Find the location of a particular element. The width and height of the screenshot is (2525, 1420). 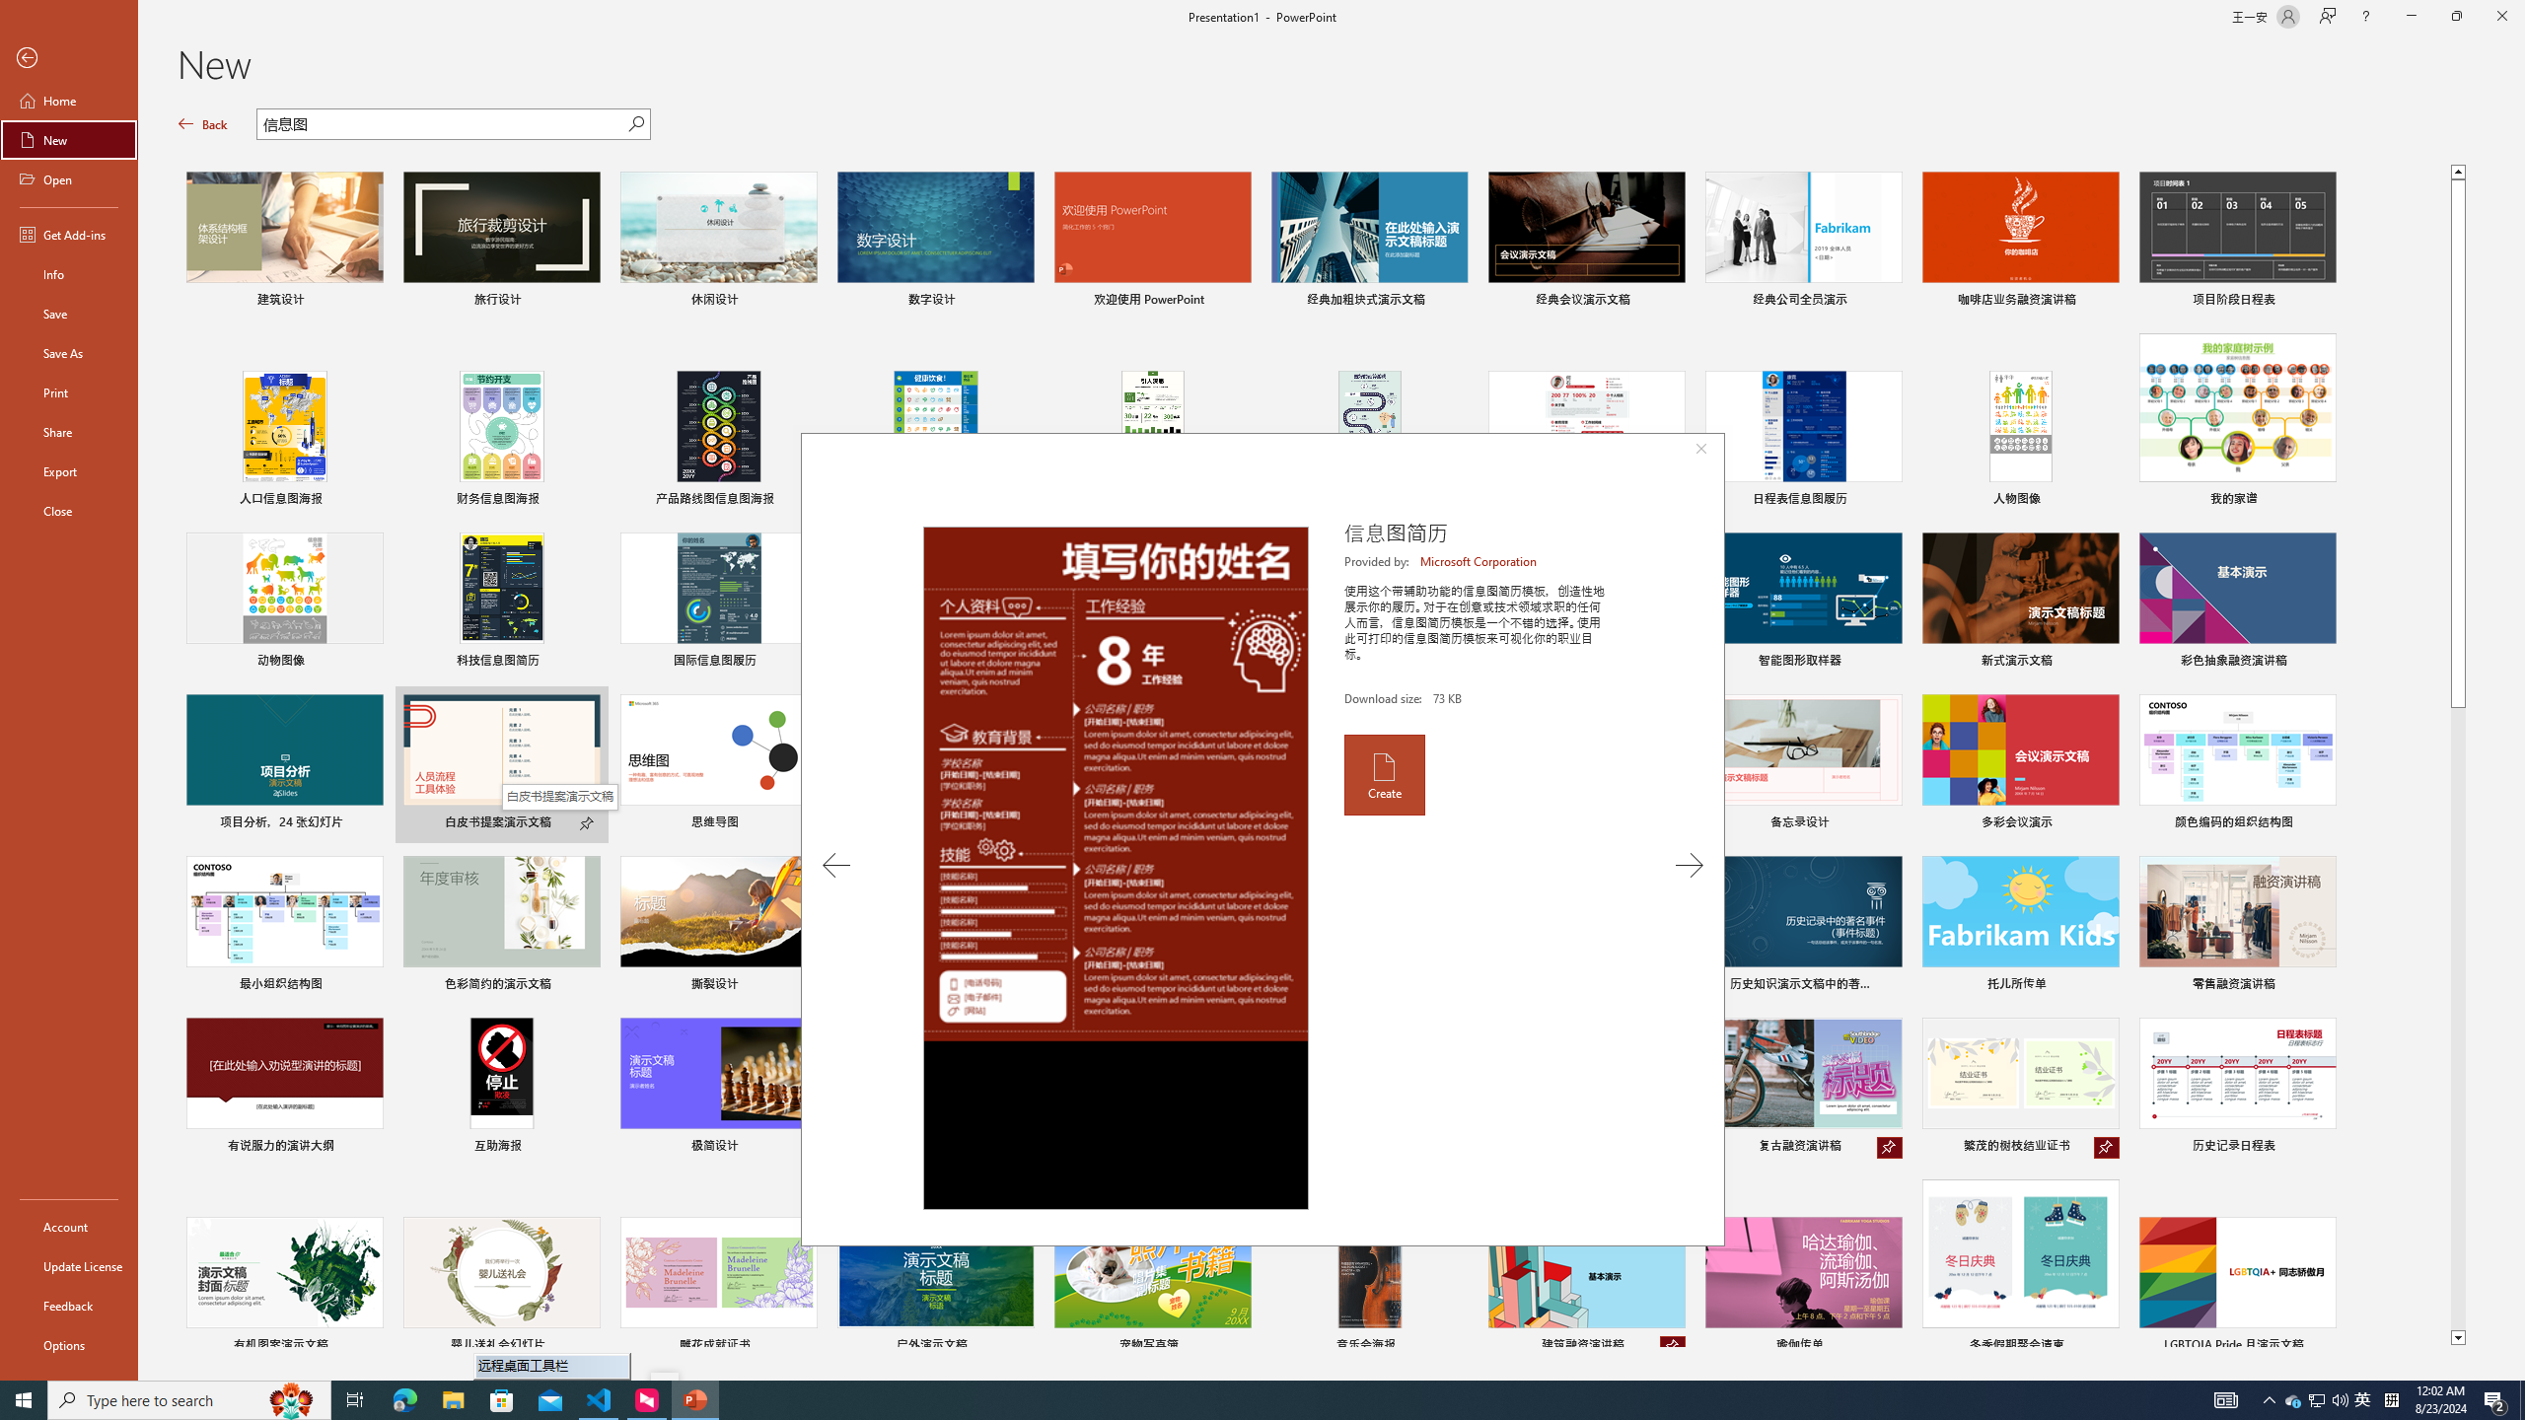

'Line down' is located at coordinates (2457, 1337).